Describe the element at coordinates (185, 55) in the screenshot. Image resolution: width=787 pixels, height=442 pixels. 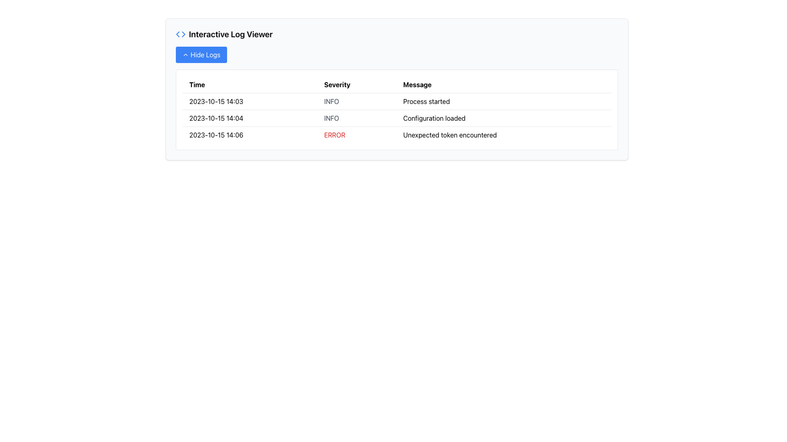
I see `the chevron icon located to the left of the 'Hide Logs' text within the blue button at the top-left section of the log viewer interface` at that location.